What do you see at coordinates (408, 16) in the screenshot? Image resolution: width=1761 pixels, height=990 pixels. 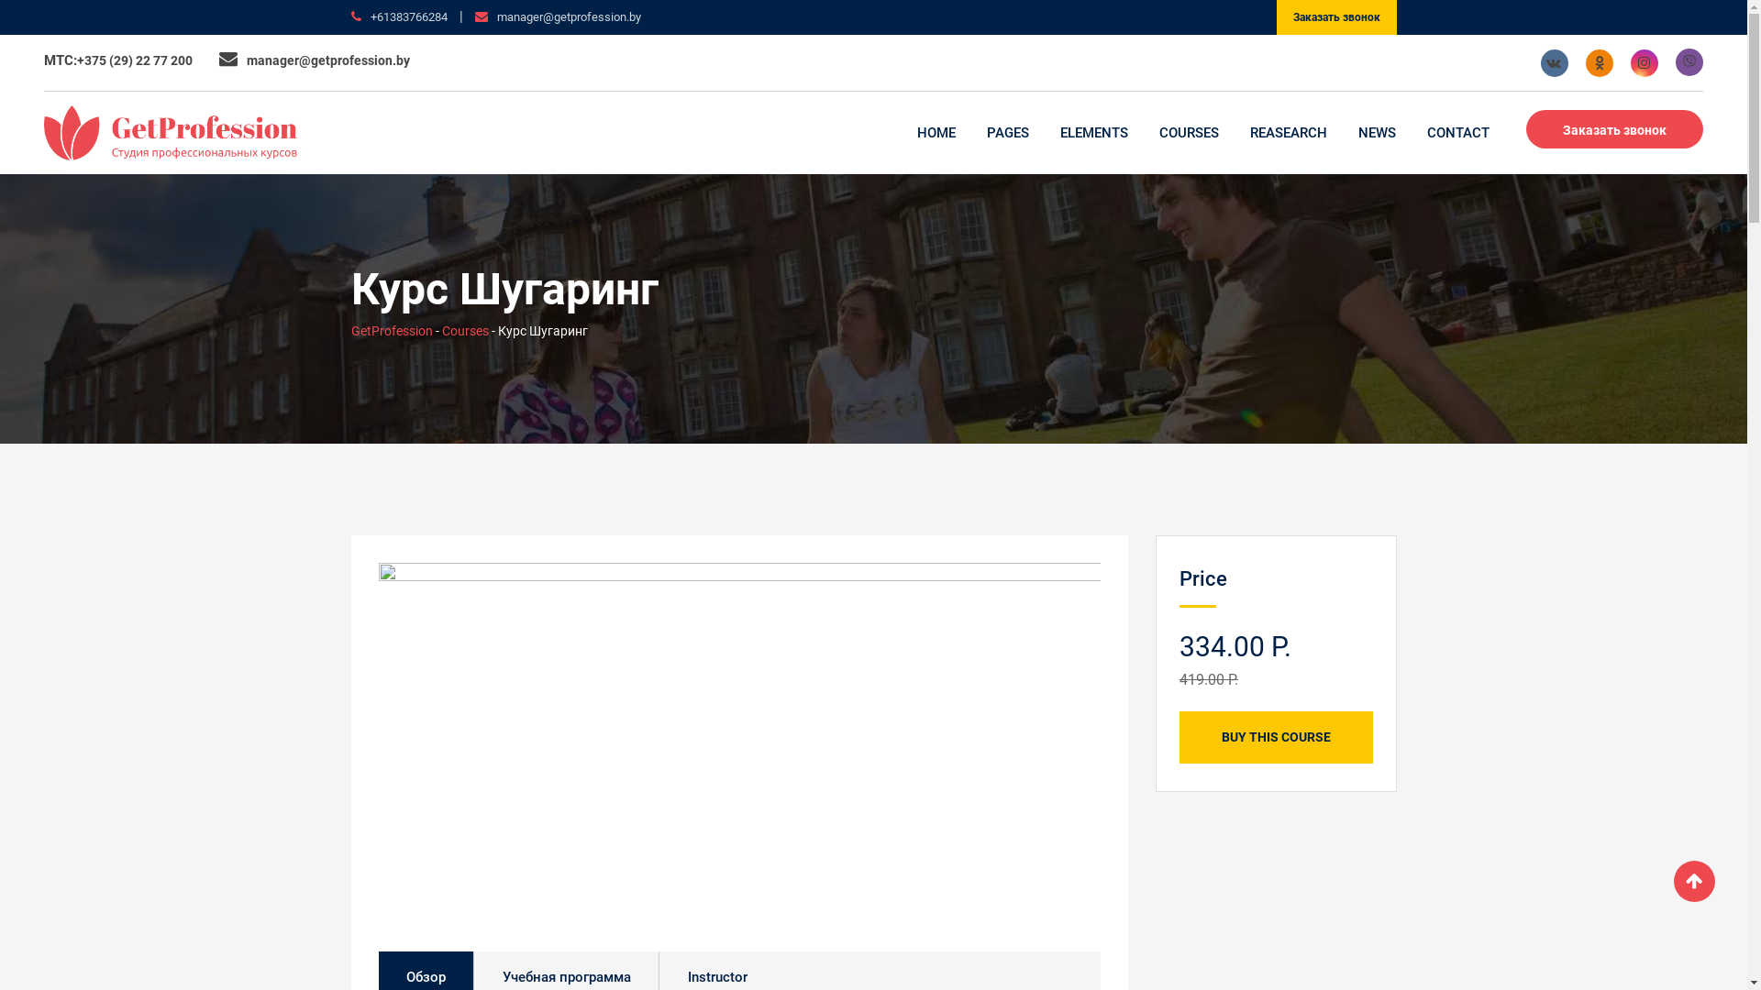 I see `'+61383766284'` at bounding box center [408, 16].